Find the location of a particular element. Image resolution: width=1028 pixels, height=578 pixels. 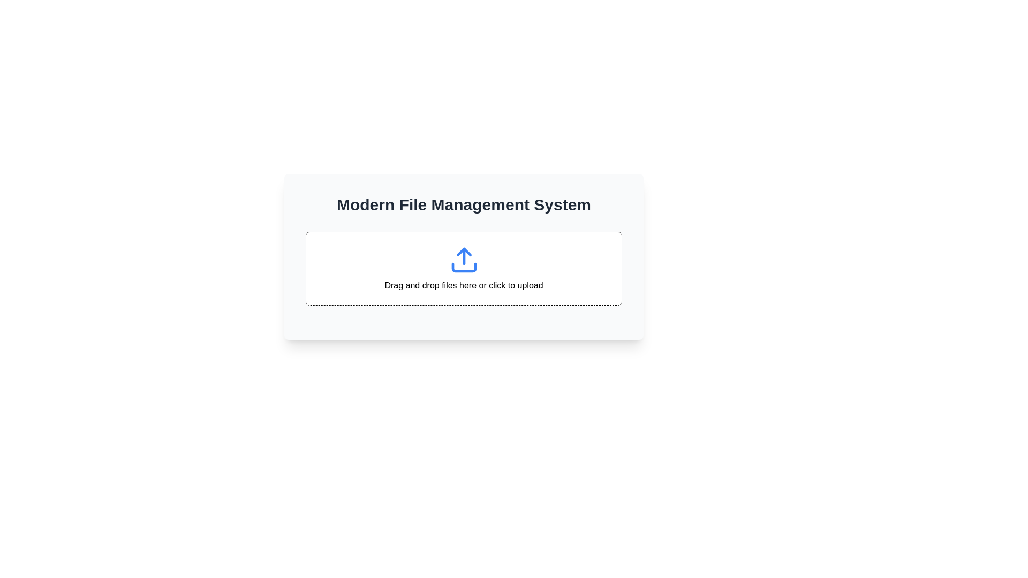

the triangular arrow icon that indicates the upload action, which is centrally aligned in the interface and part of the dotted rectangular box labeled 'Drag and drop files here or click to upload.' is located at coordinates (464, 252).